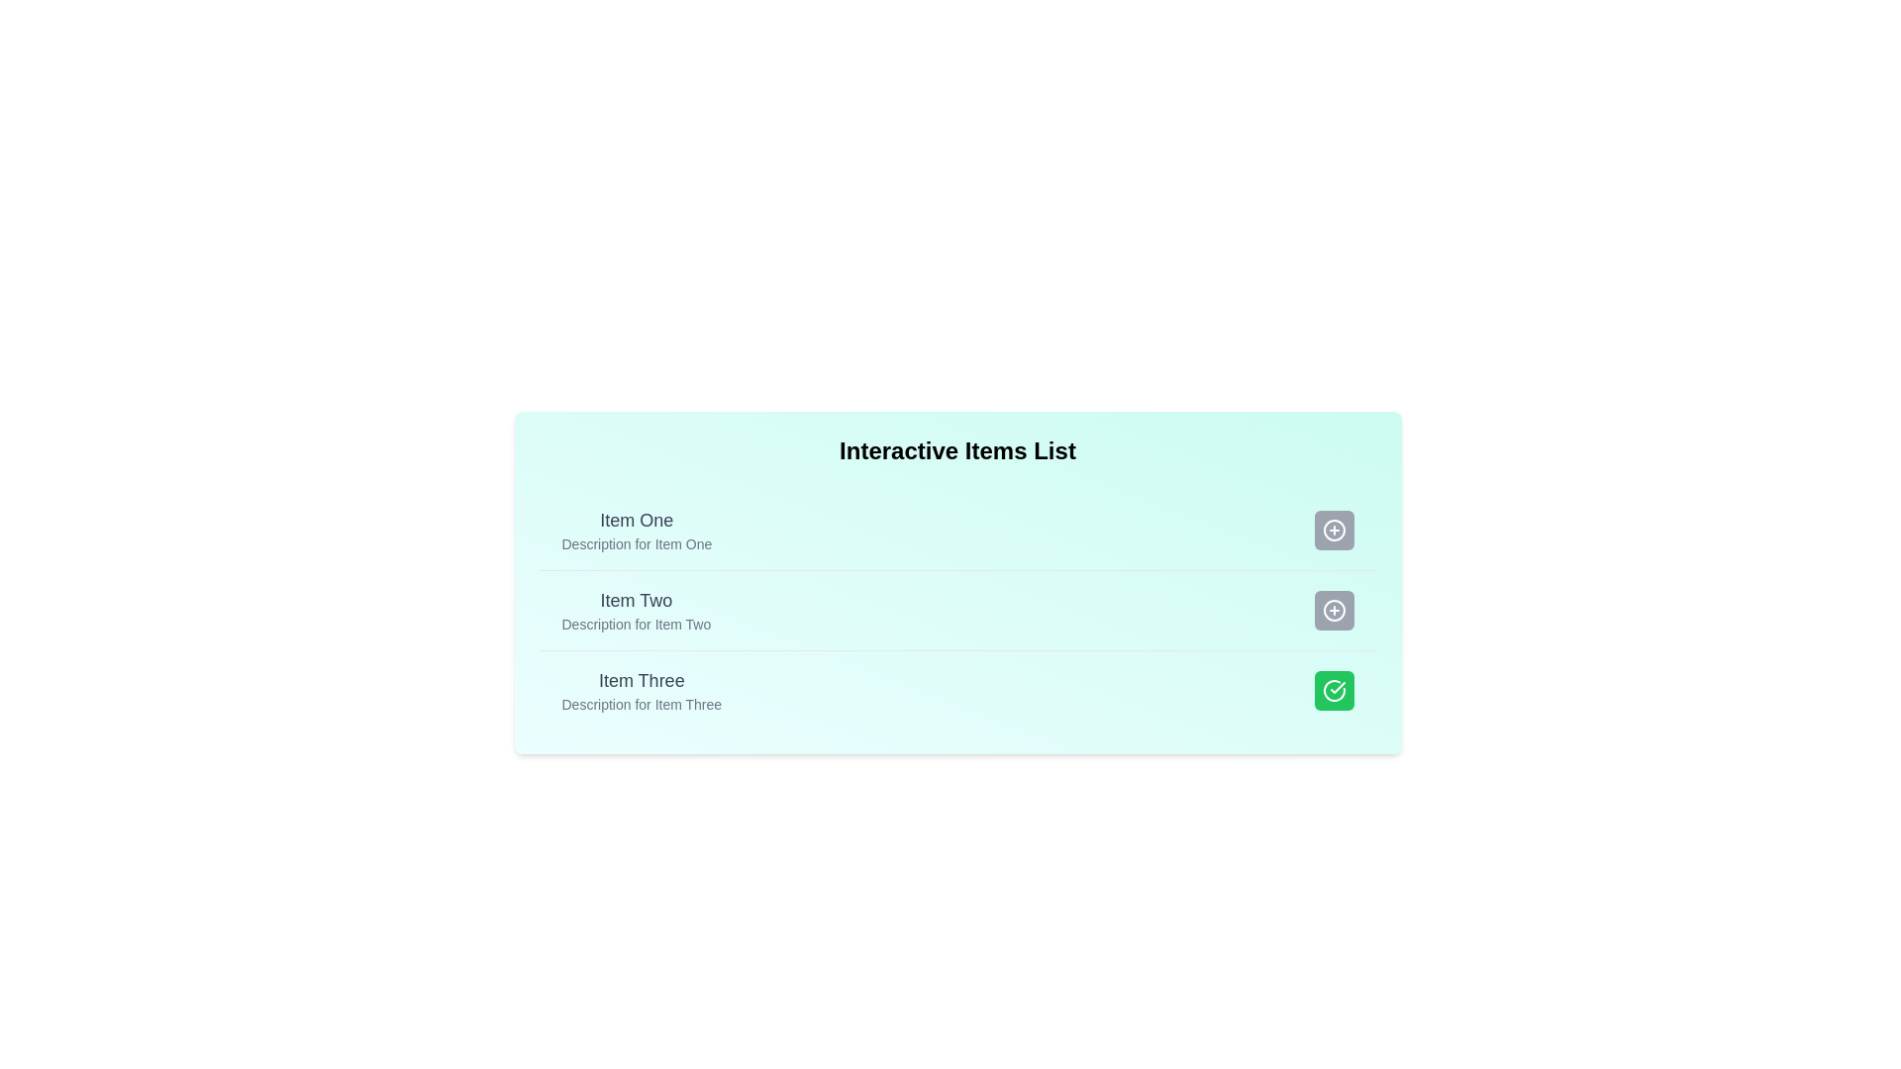 This screenshot has height=1069, width=1901. I want to click on the title or description of Item Two to observe the tooltip or effect, so click(636, 599).